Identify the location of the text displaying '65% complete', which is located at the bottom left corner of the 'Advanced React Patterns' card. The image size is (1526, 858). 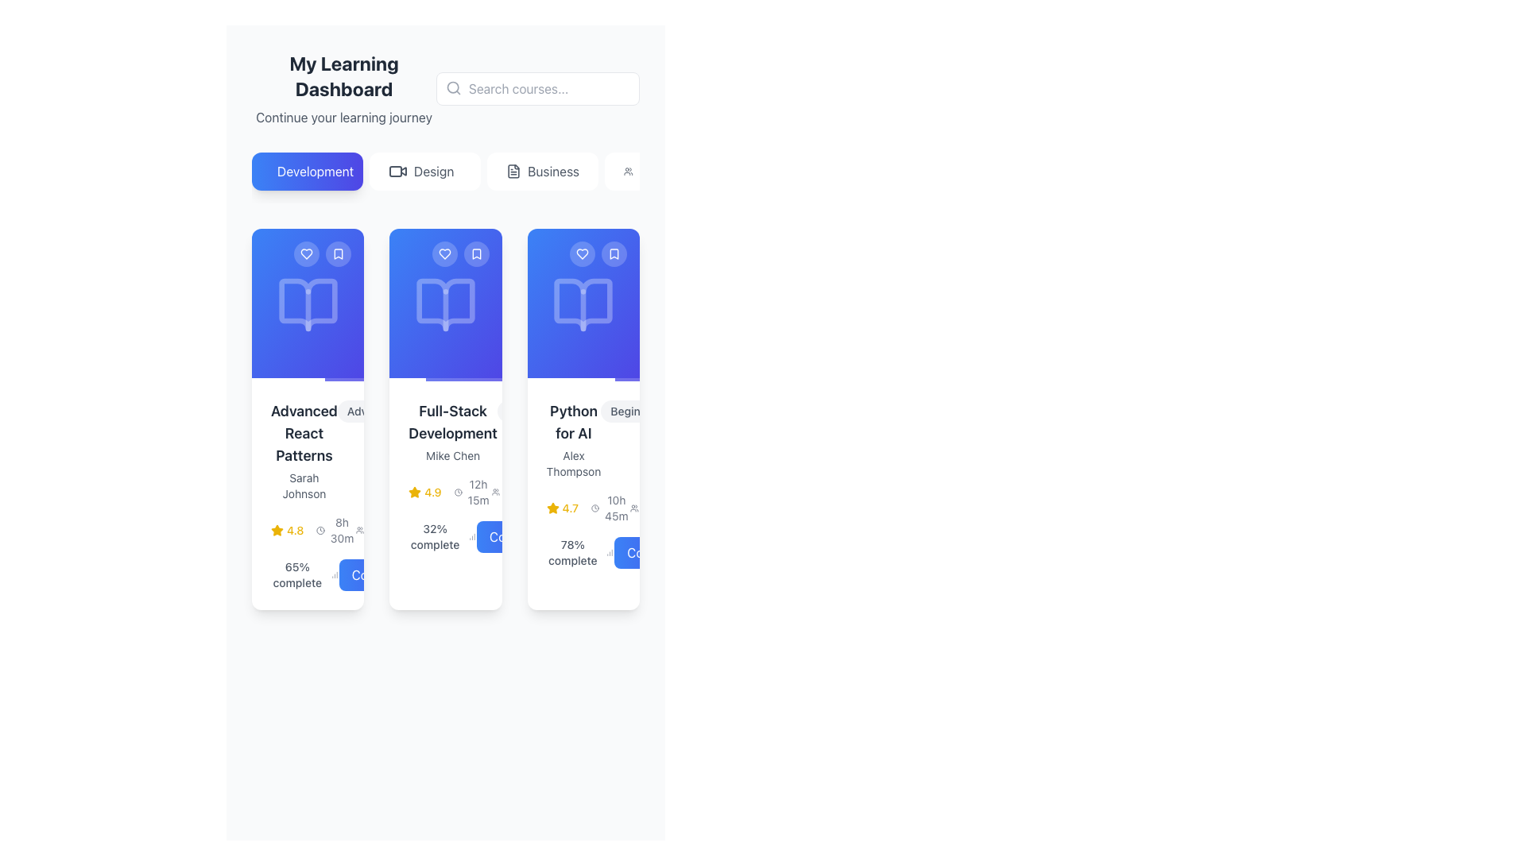
(304, 575).